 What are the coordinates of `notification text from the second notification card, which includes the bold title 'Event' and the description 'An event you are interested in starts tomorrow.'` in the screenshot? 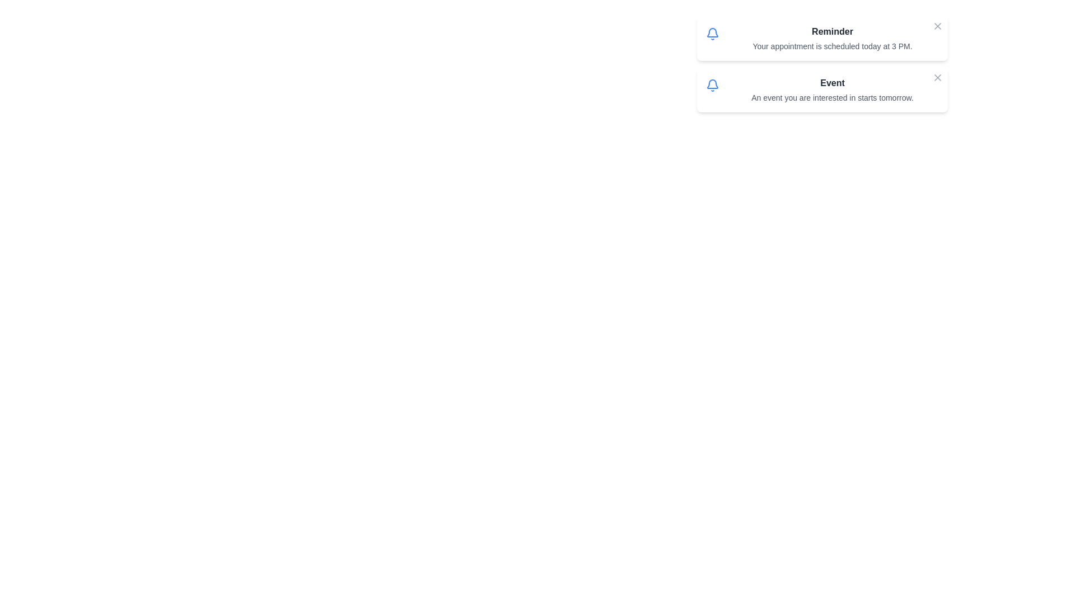 It's located at (822, 89).